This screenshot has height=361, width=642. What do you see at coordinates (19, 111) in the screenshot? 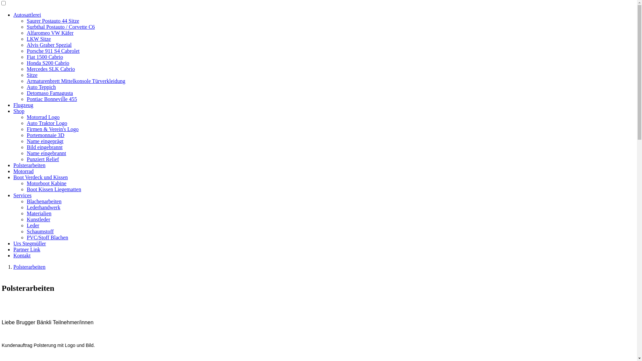
I see `'Shop'` at bounding box center [19, 111].